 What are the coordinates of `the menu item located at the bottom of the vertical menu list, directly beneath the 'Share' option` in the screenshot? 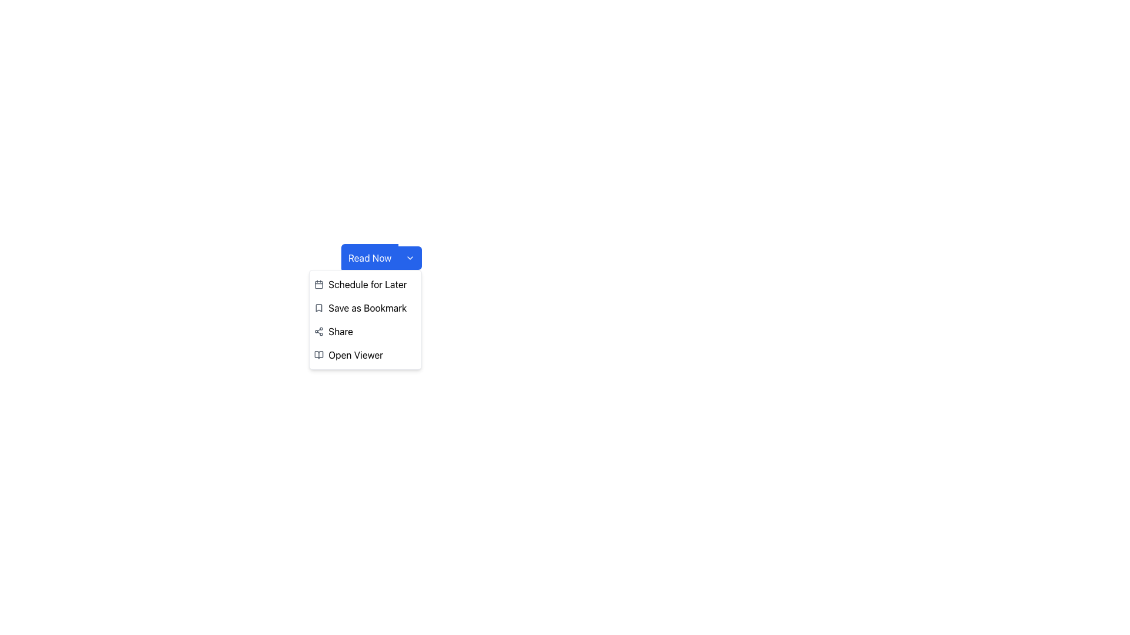 It's located at (365, 355).